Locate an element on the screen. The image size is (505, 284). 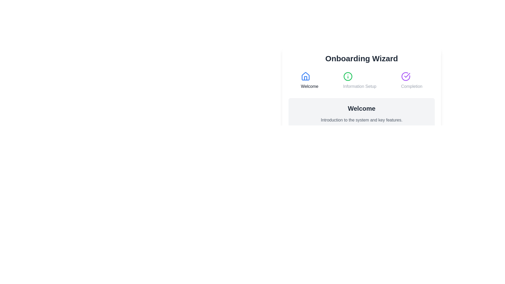
the step title Completion to activate it is located at coordinates (411, 81).